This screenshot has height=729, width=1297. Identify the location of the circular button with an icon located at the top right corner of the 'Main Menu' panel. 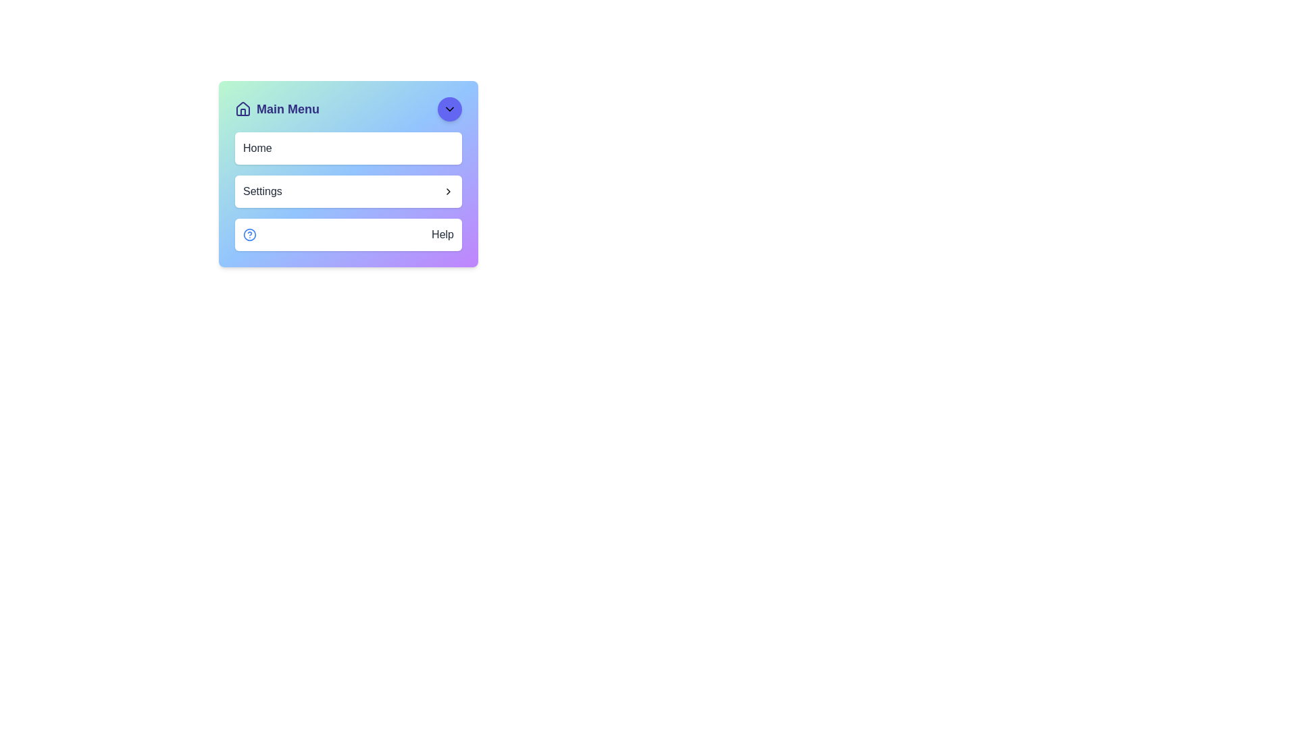
(450, 109).